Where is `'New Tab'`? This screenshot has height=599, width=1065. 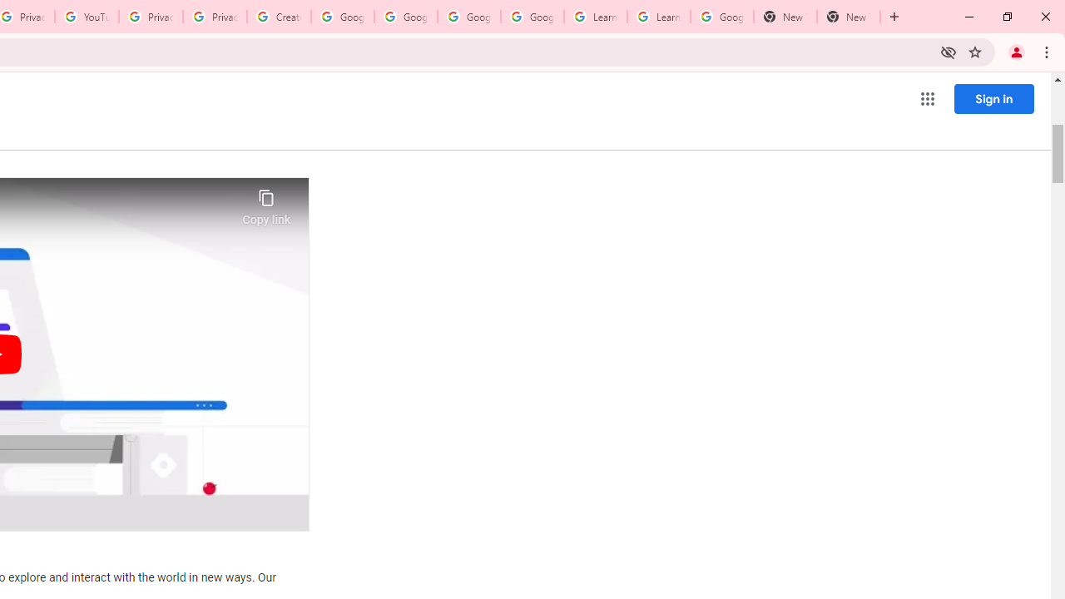 'New Tab' is located at coordinates (785, 17).